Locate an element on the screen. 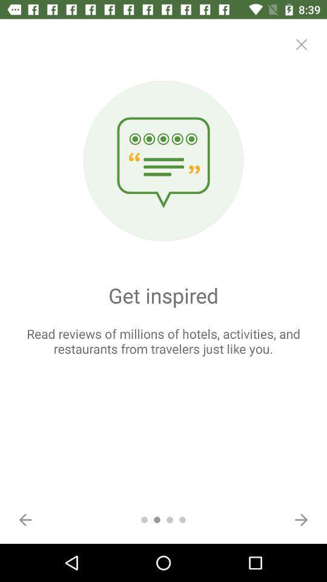  the icon at the bottom right corner is located at coordinates (300, 519).